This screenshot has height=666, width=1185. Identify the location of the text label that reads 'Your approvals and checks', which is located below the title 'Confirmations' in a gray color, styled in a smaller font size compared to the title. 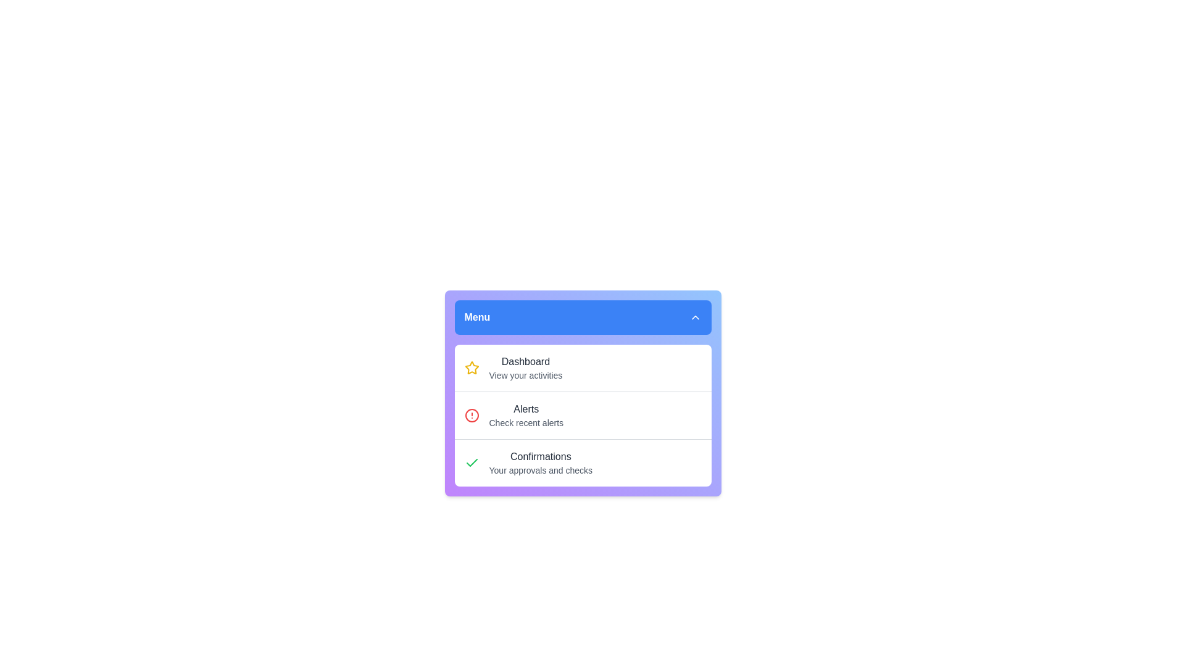
(541, 471).